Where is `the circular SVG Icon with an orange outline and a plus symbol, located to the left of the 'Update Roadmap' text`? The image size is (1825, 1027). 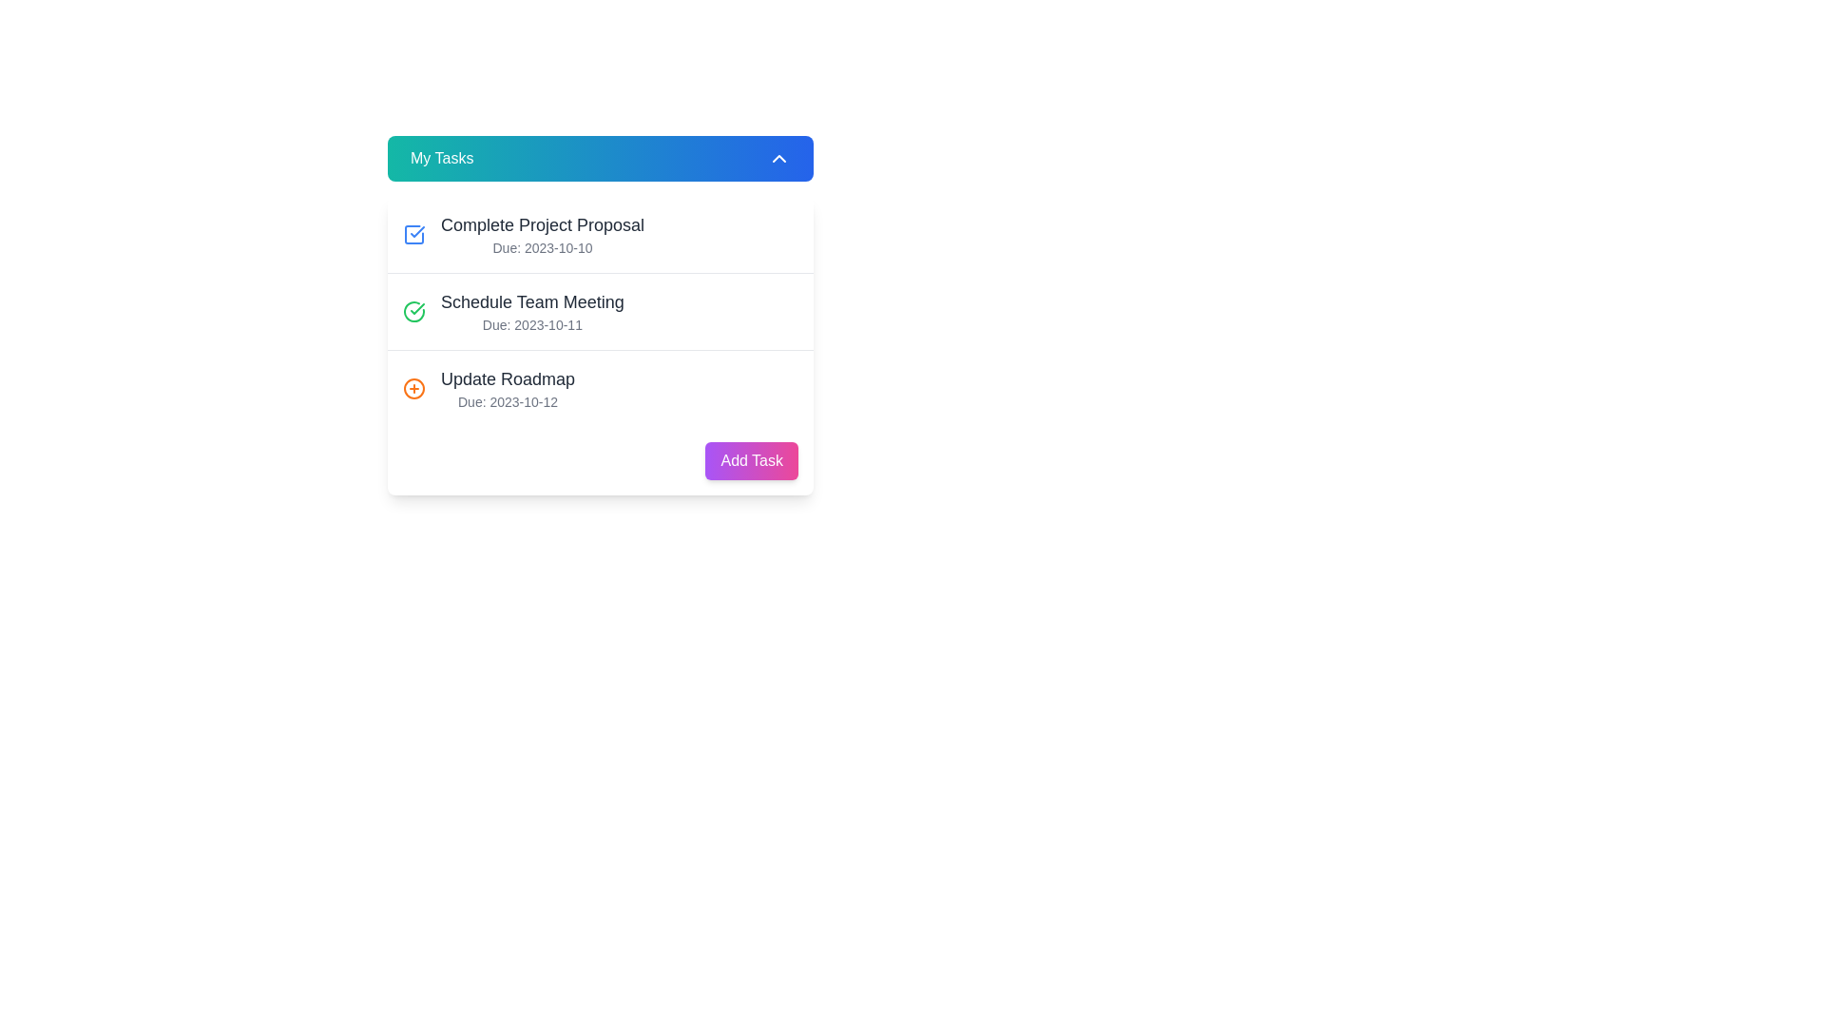 the circular SVG Icon with an orange outline and a plus symbol, located to the left of the 'Update Roadmap' text is located at coordinates (413, 387).